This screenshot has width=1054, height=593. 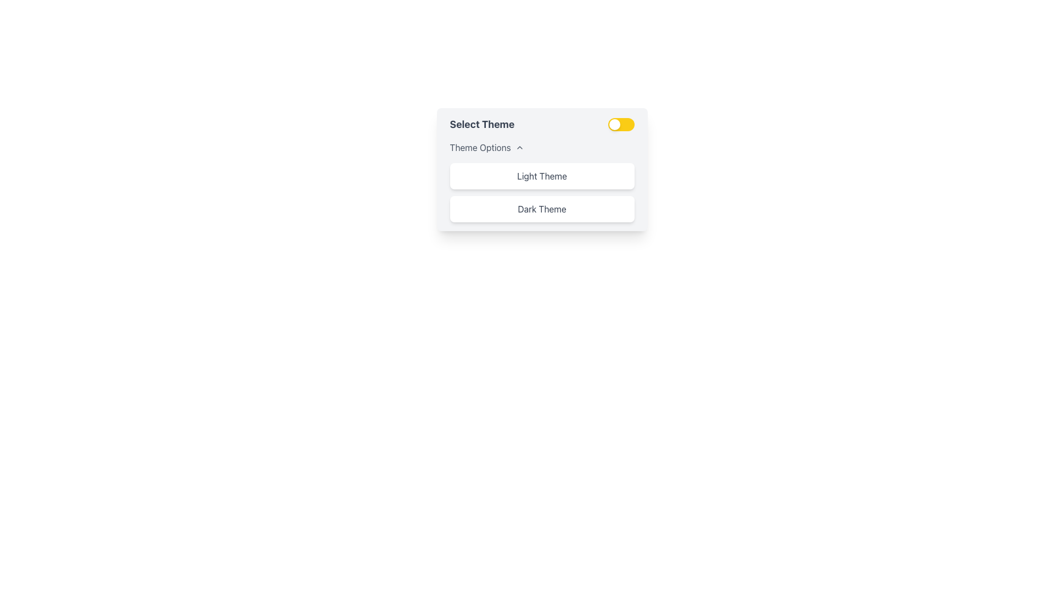 What do you see at coordinates (621, 124) in the screenshot?
I see `the toggle switch with a bright yellow background and a white circular button with a sun icon, indicating it is in the 'on' position` at bounding box center [621, 124].